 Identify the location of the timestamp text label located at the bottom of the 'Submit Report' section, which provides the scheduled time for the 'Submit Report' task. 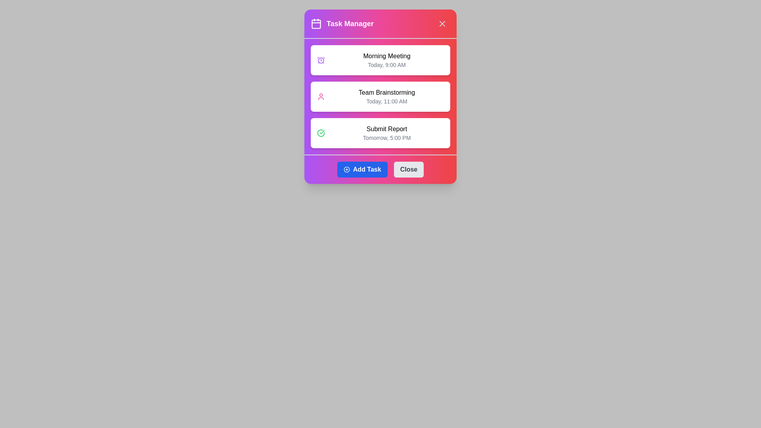
(386, 137).